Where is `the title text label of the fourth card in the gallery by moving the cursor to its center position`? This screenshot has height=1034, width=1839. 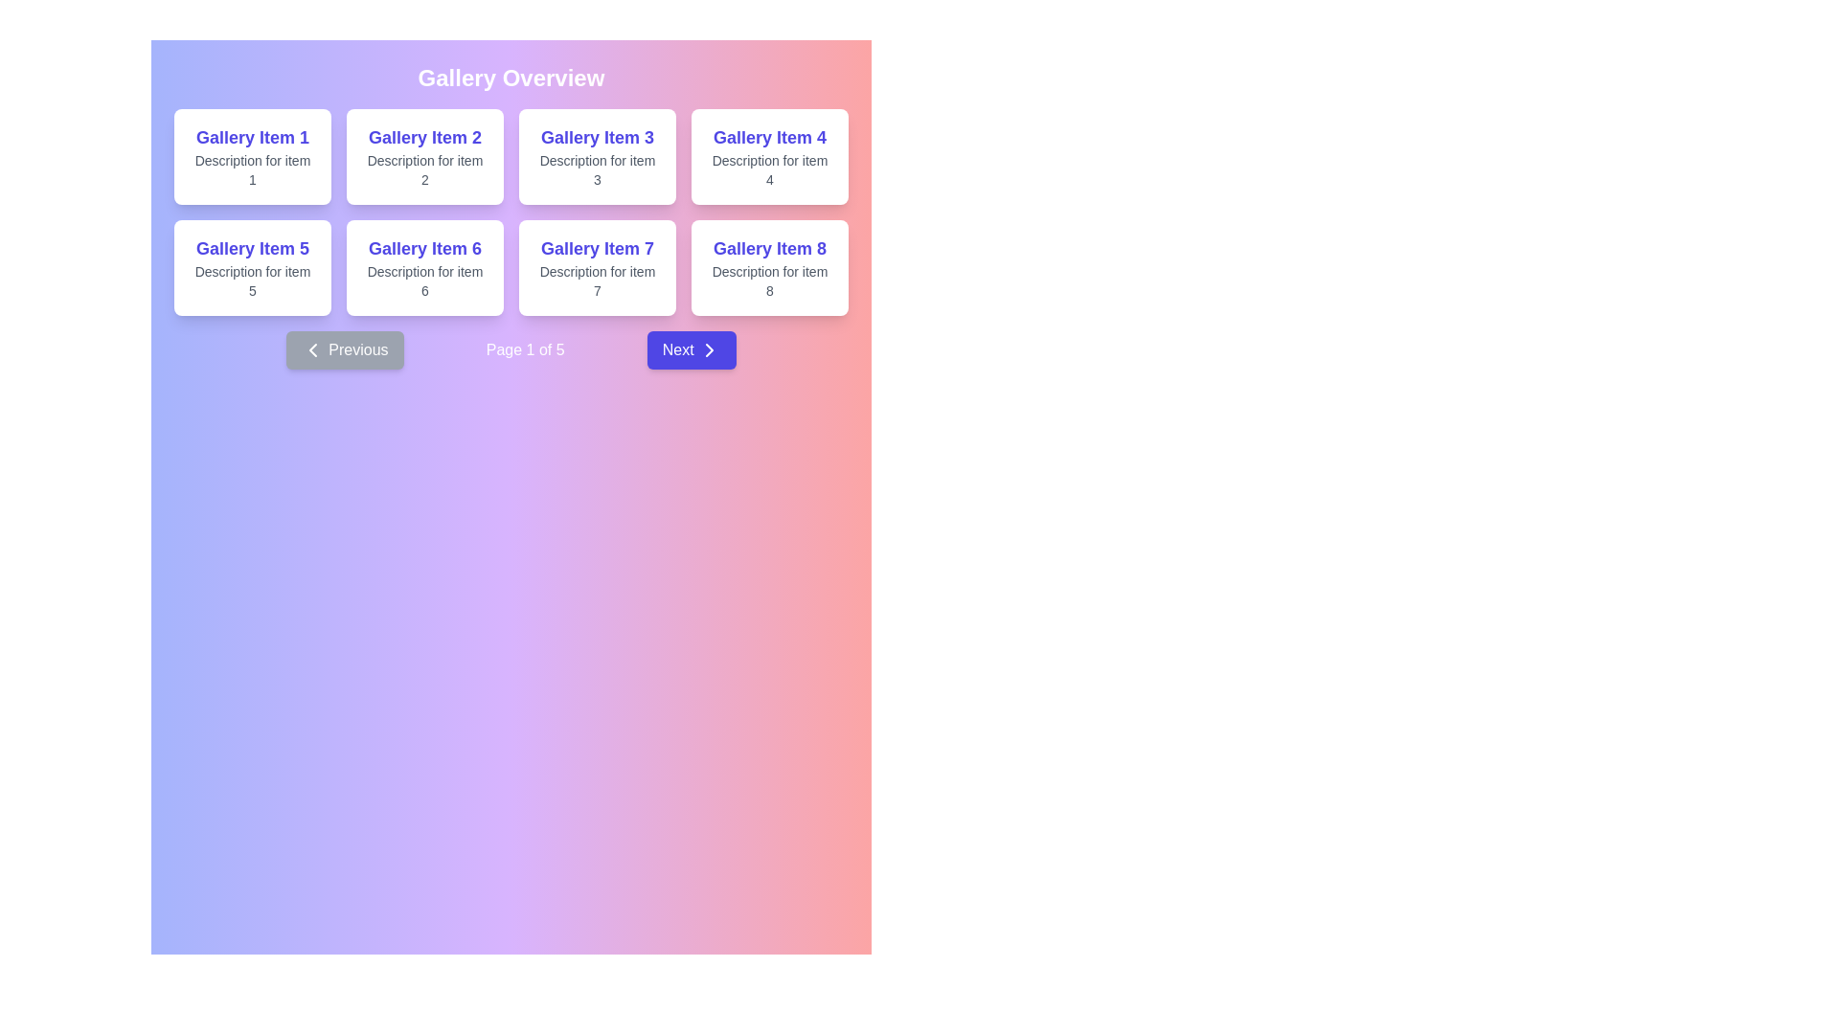 the title text label of the fourth card in the gallery by moving the cursor to its center position is located at coordinates (770, 136).